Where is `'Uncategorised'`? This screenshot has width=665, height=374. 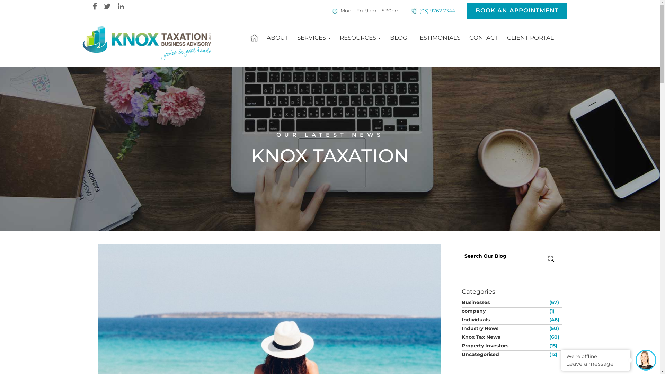
'Uncategorised' is located at coordinates (504, 354).